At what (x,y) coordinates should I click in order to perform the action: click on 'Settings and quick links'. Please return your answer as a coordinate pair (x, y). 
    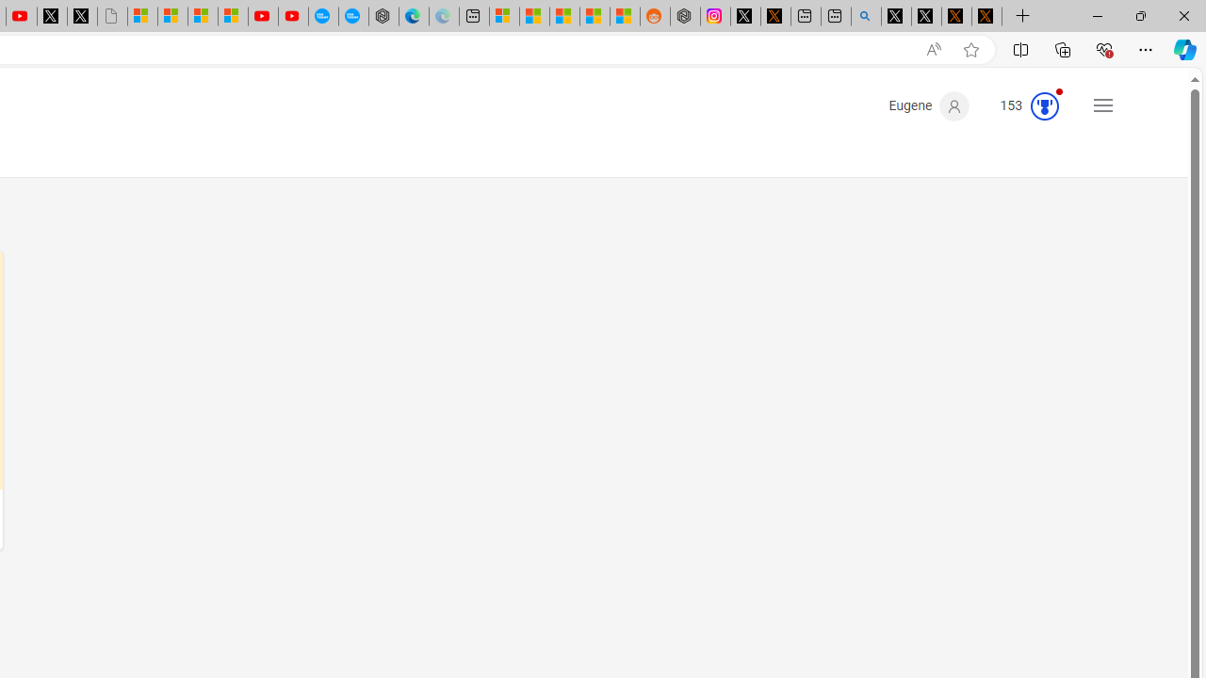
    Looking at the image, I should click on (1103, 105).